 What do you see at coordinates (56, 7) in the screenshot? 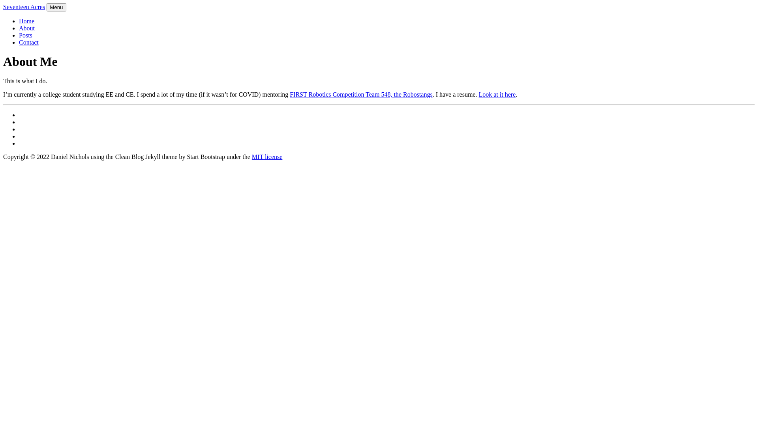
I see `'Menu'` at bounding box center [56, 7].